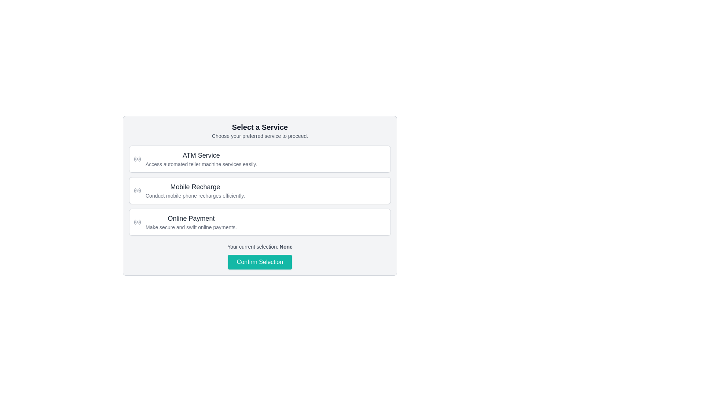 This screenshot has width=704, height=396. What do you see at coordinates (260, 246) in the screenshot?
I see `the text label displaying 'Your current selection: None', which is a small light gray text located above the 'Confirm Selection' button and below the option cards` at bounding box center [260, 246].